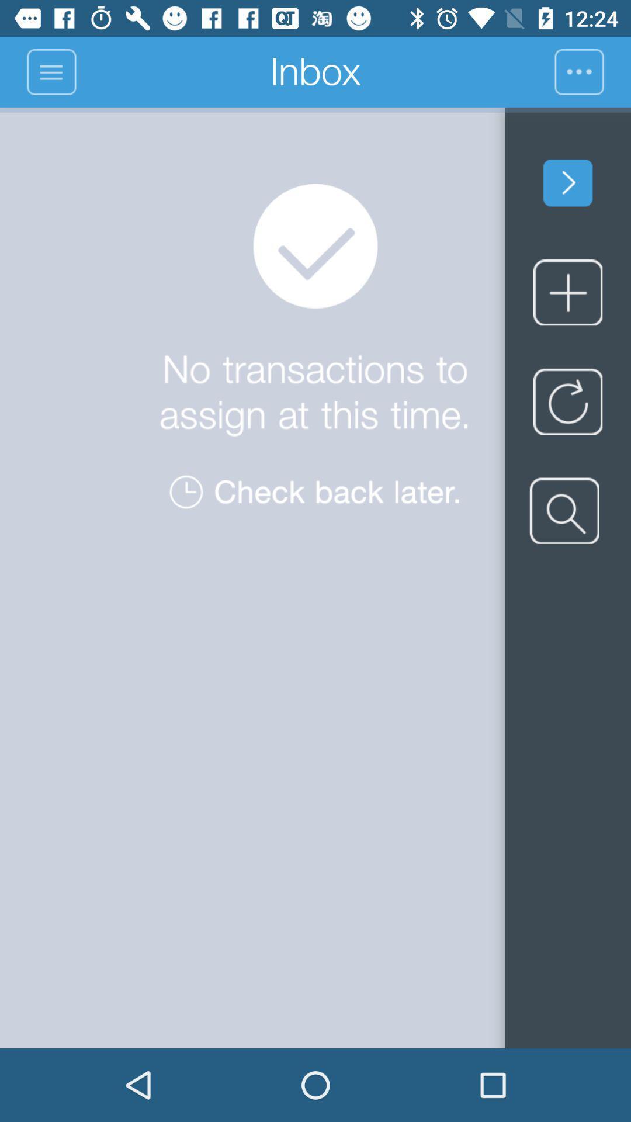 Image resolution: width=631 pixels, height=1122 pixels. Describe the element at coordinates (592, 71) in the screenshot. I see `item to the right of the inbox` at that location.